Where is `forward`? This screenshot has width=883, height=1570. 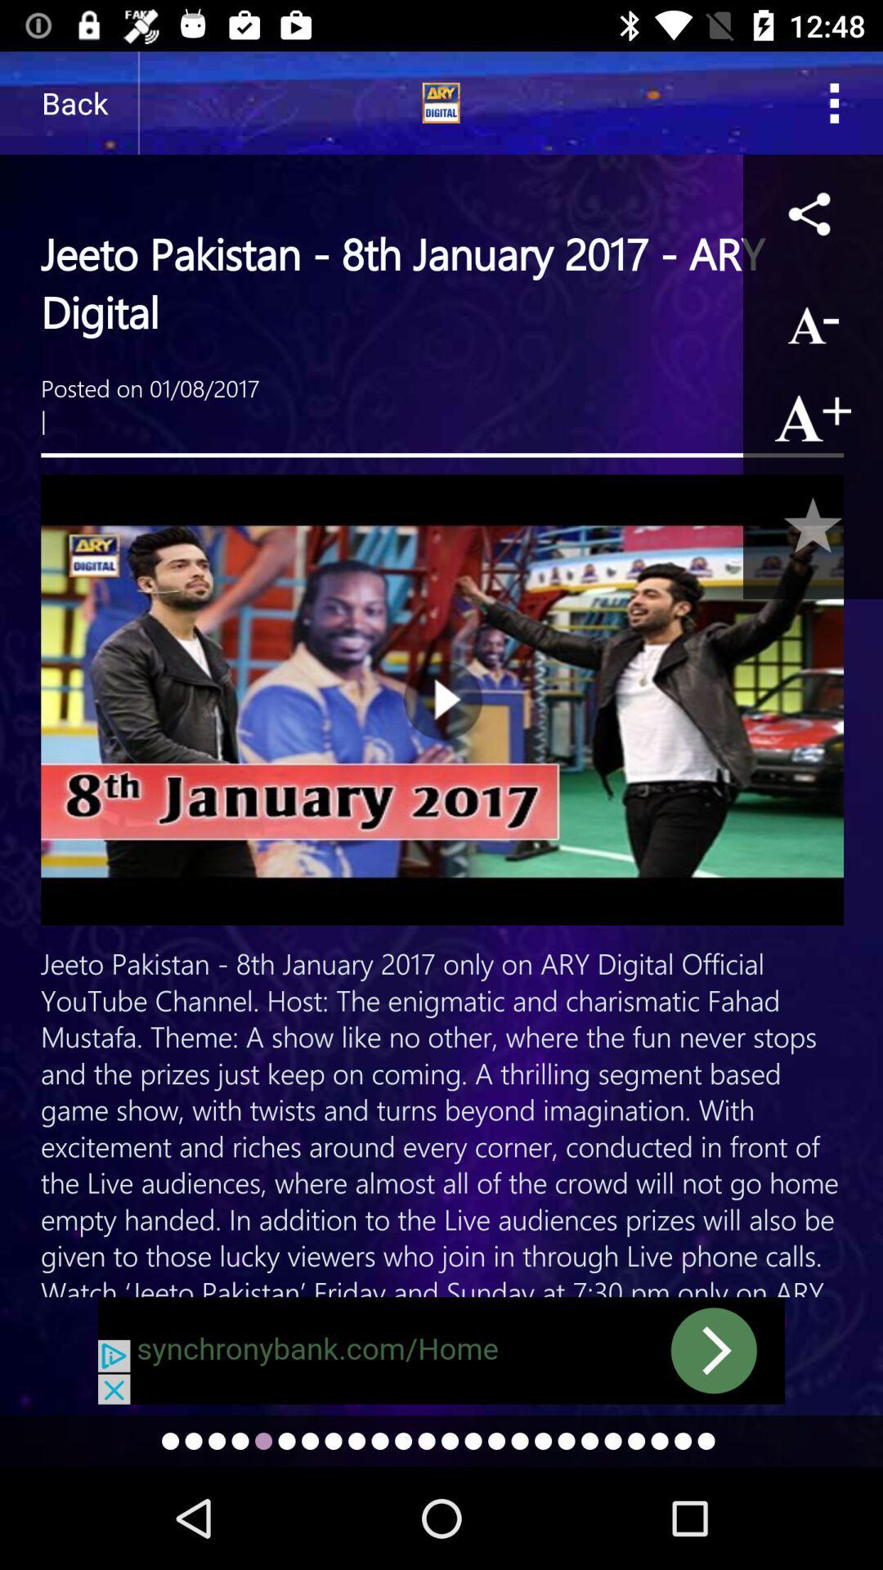 forward is located at coordinates (441, 1350).